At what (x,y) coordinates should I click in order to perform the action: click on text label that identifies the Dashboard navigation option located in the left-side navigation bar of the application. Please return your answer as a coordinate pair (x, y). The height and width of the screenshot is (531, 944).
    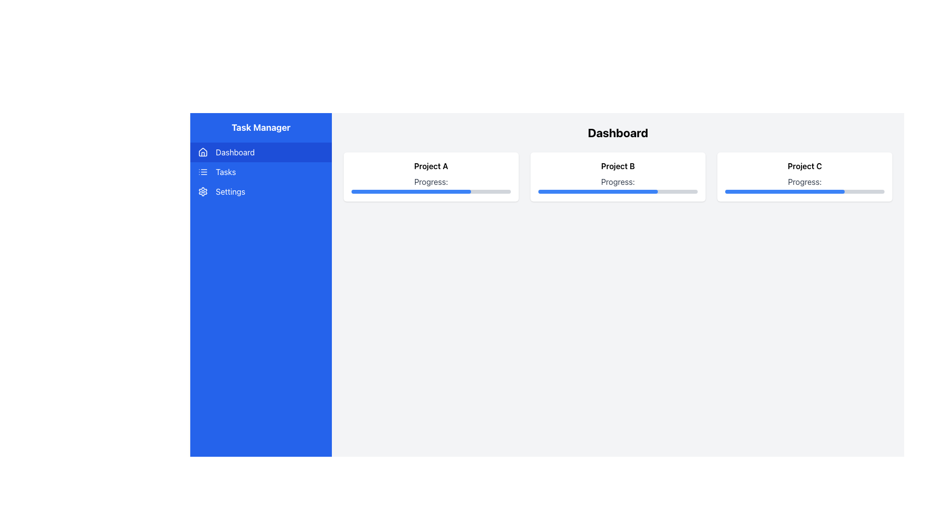
    Looking at the image, I should click on (235, 152).